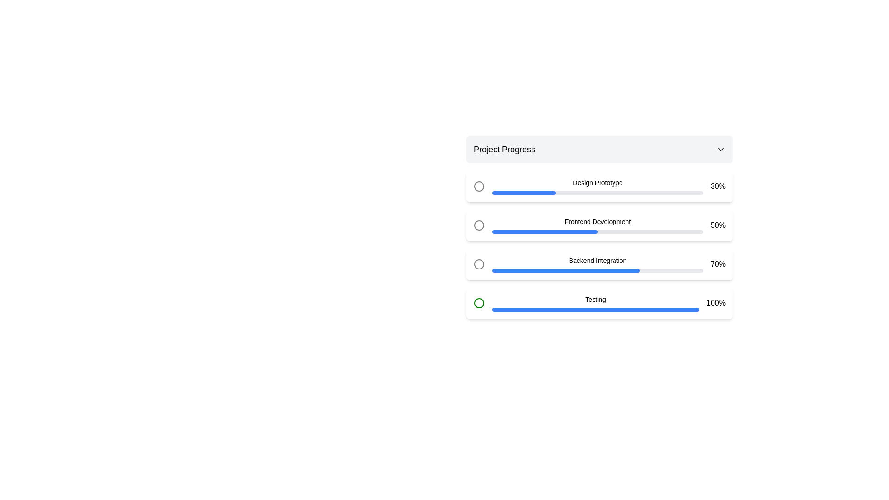 This screenshot has width=889, height=500. What do you see at coordinates (479, 225) in the screenshot?
I see `the circular SVG element indicating 'Frontend Development' progress if it is interactive` at bounding box center [479, 225].